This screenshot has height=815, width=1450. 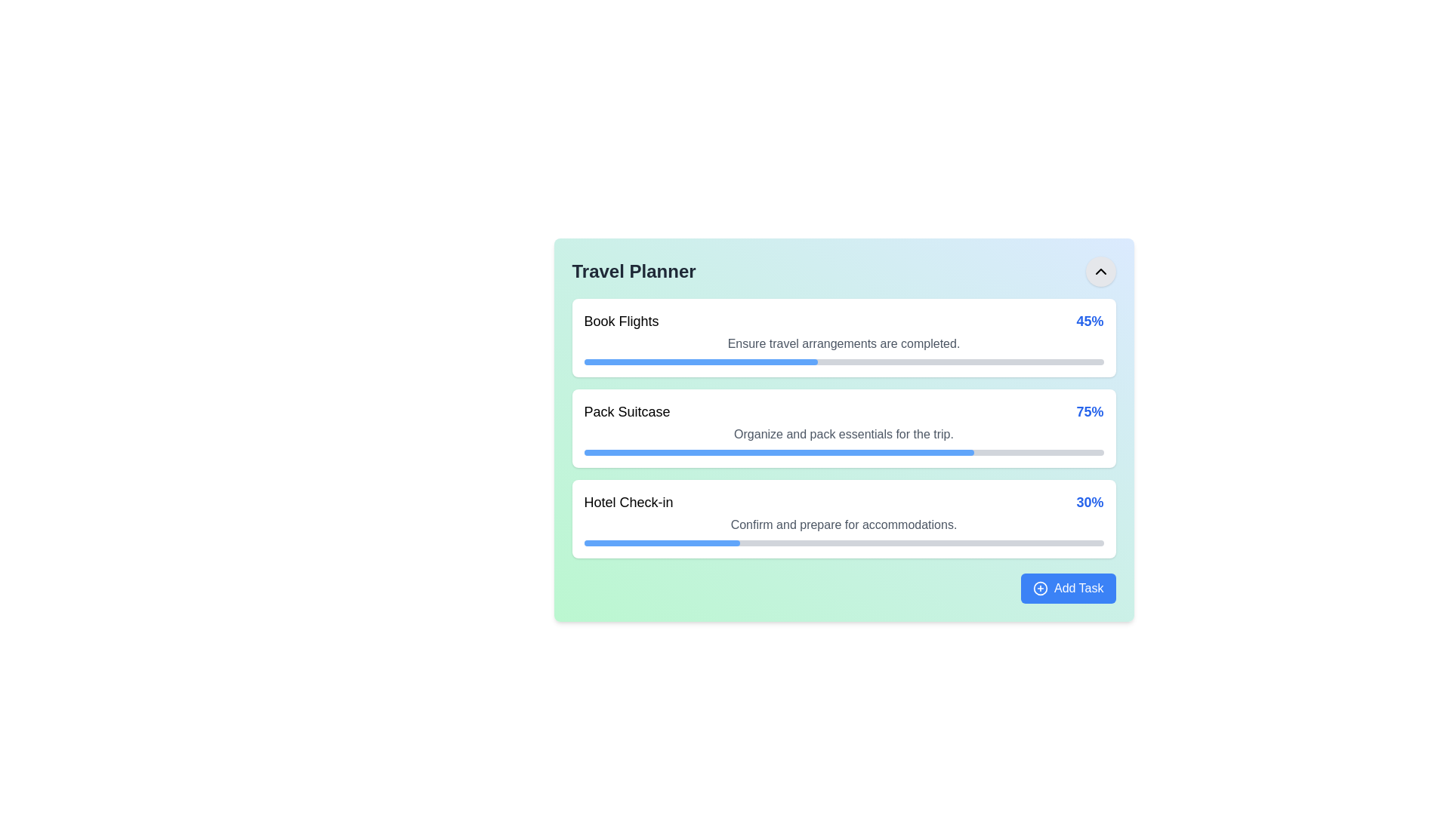 I want to click on the progress bar segment indicating the completion percentage of the 'Hotel Check-in' task located in the 'Travel Planner' section, so click(x=662, y=543).